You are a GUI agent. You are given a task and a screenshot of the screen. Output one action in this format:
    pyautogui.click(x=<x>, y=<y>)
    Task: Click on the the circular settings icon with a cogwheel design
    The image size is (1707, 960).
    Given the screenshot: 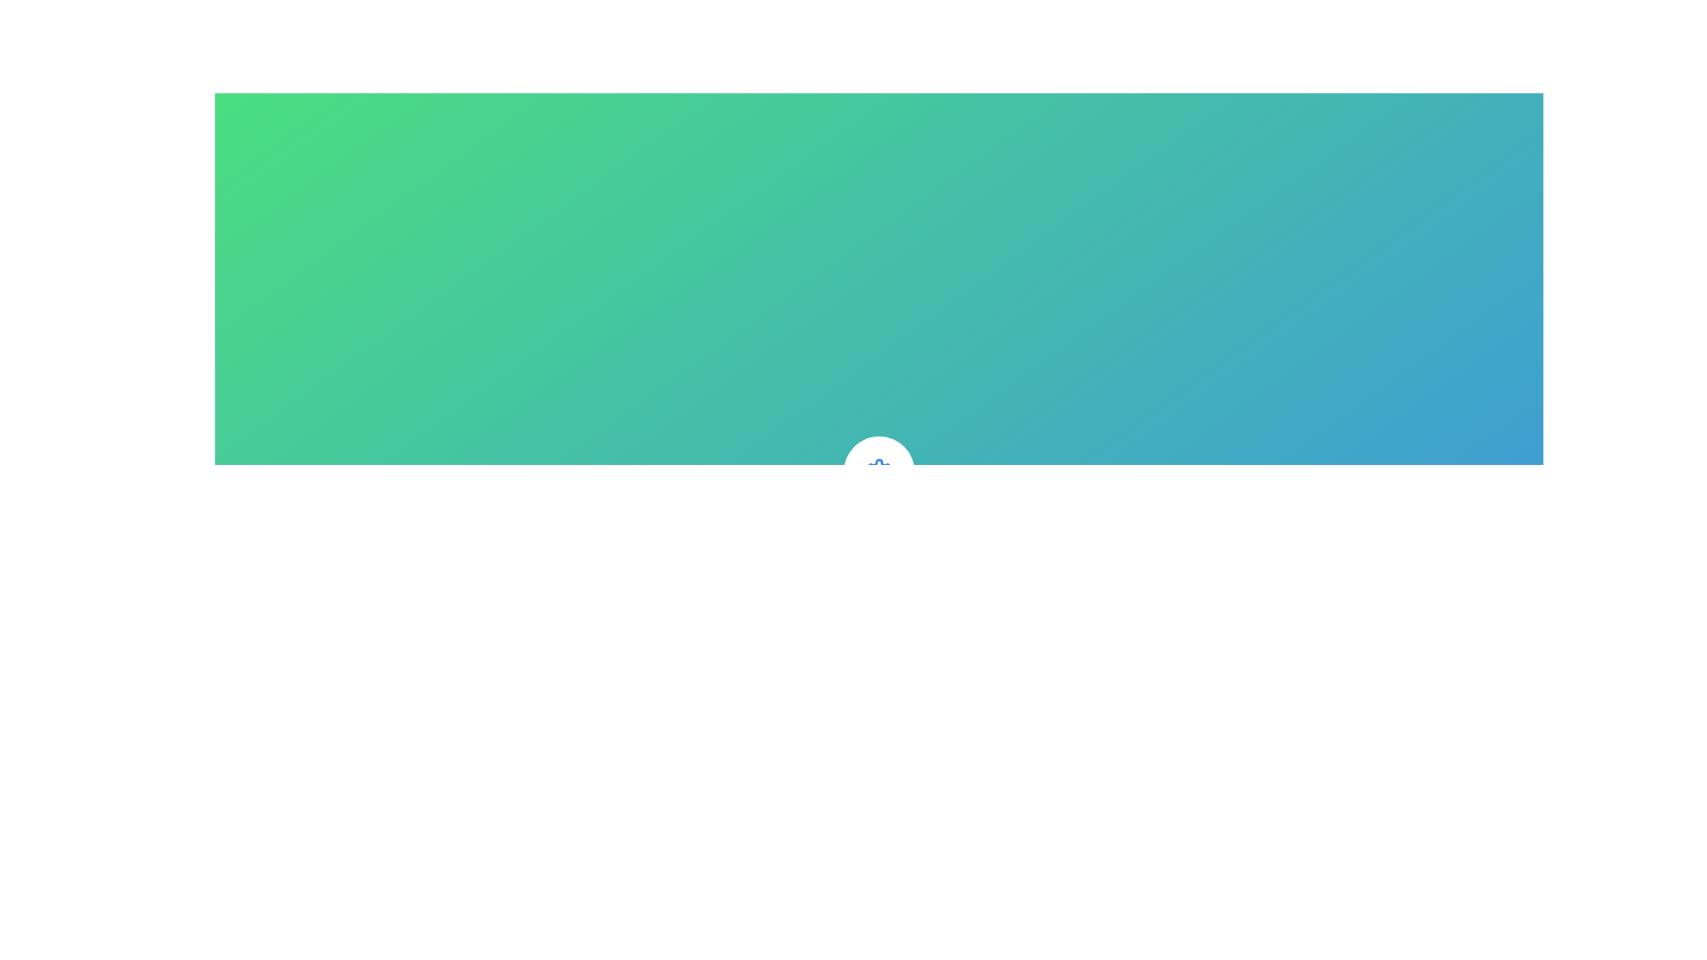 What is the action you would take?
    pyautogui.click(x=878, y=471)
    